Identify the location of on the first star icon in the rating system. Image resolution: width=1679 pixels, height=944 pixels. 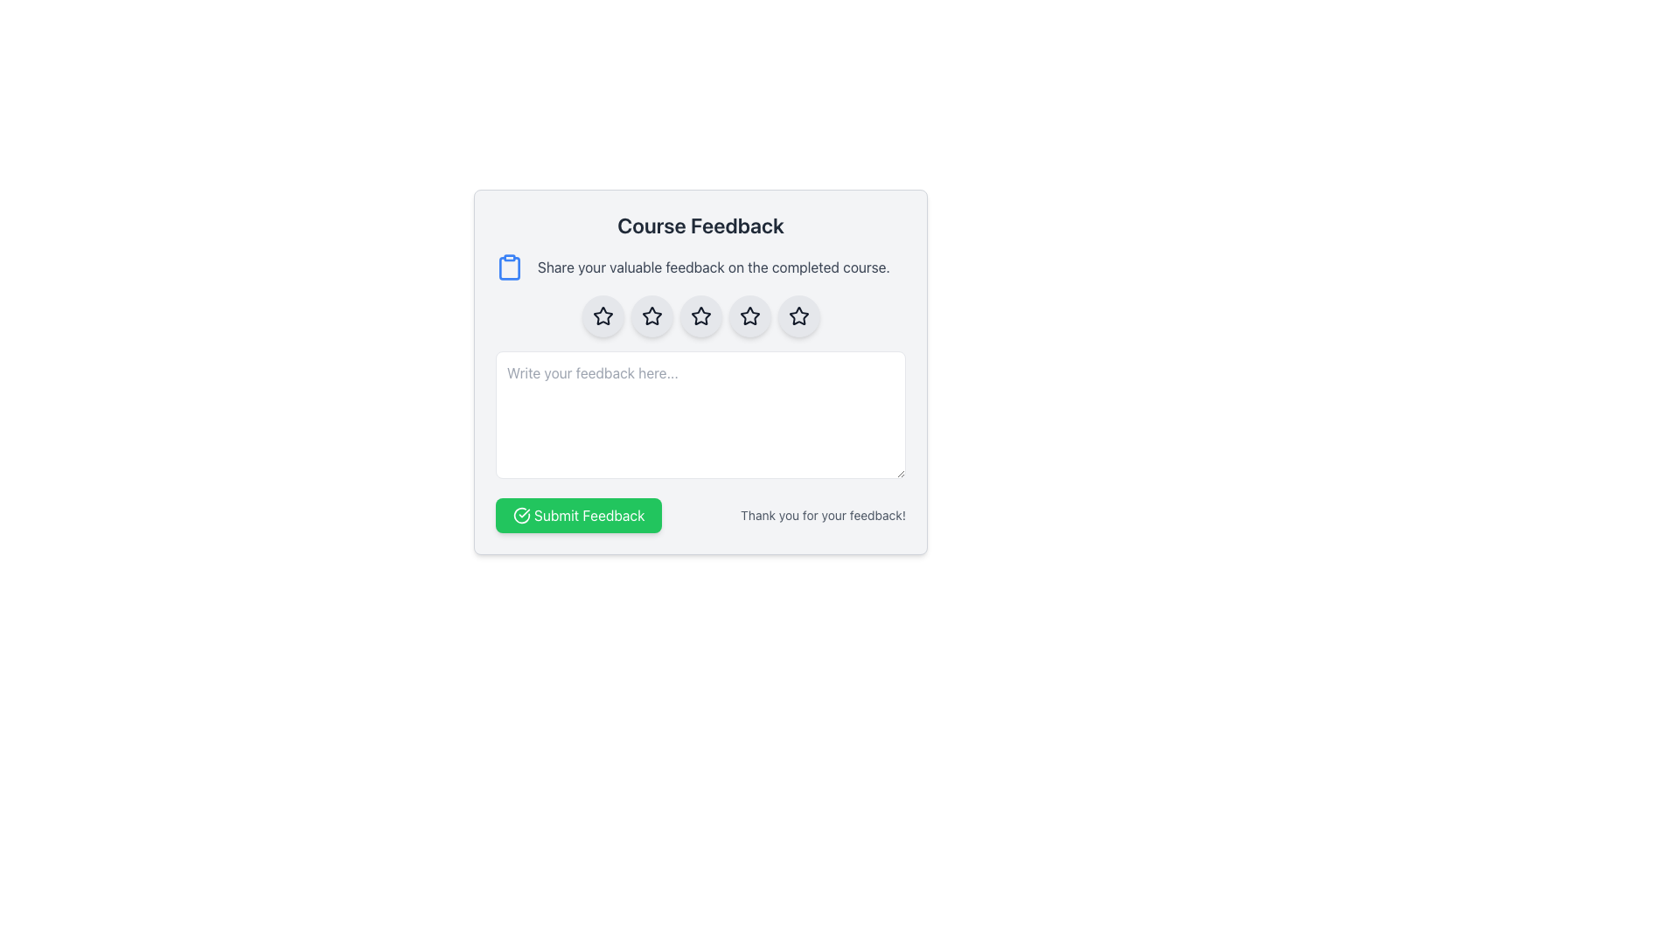
(603, 316).